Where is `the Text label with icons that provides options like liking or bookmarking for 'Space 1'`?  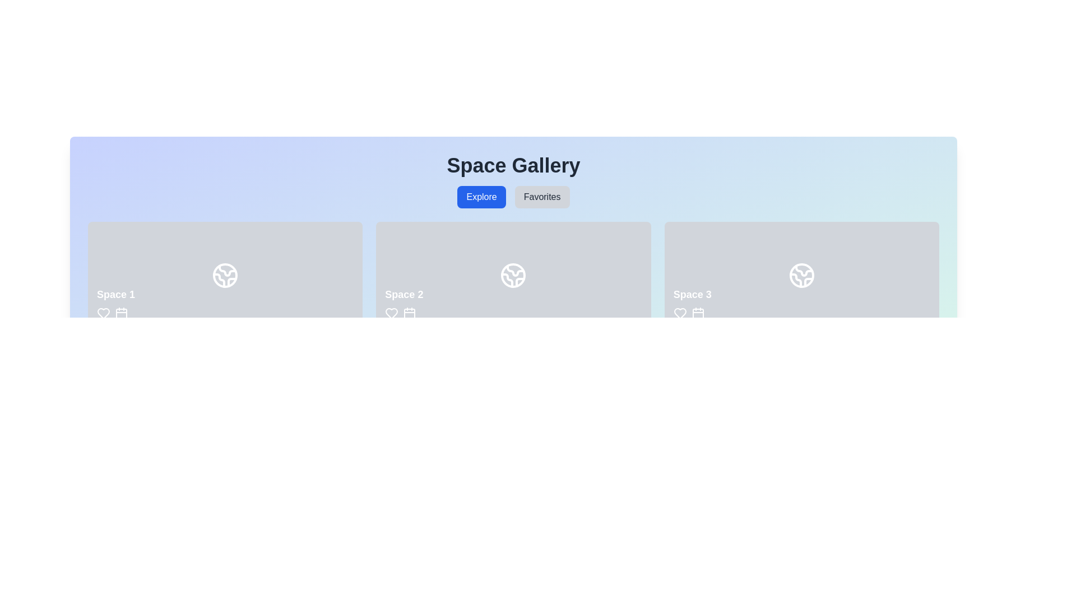
the Text label with icons that provides options like liking or bookmarking for 'Space 1' is located at coordinates (115, 304).